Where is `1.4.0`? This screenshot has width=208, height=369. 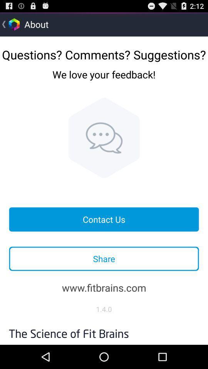
1.4.0 is located at coordinates (104, 309).